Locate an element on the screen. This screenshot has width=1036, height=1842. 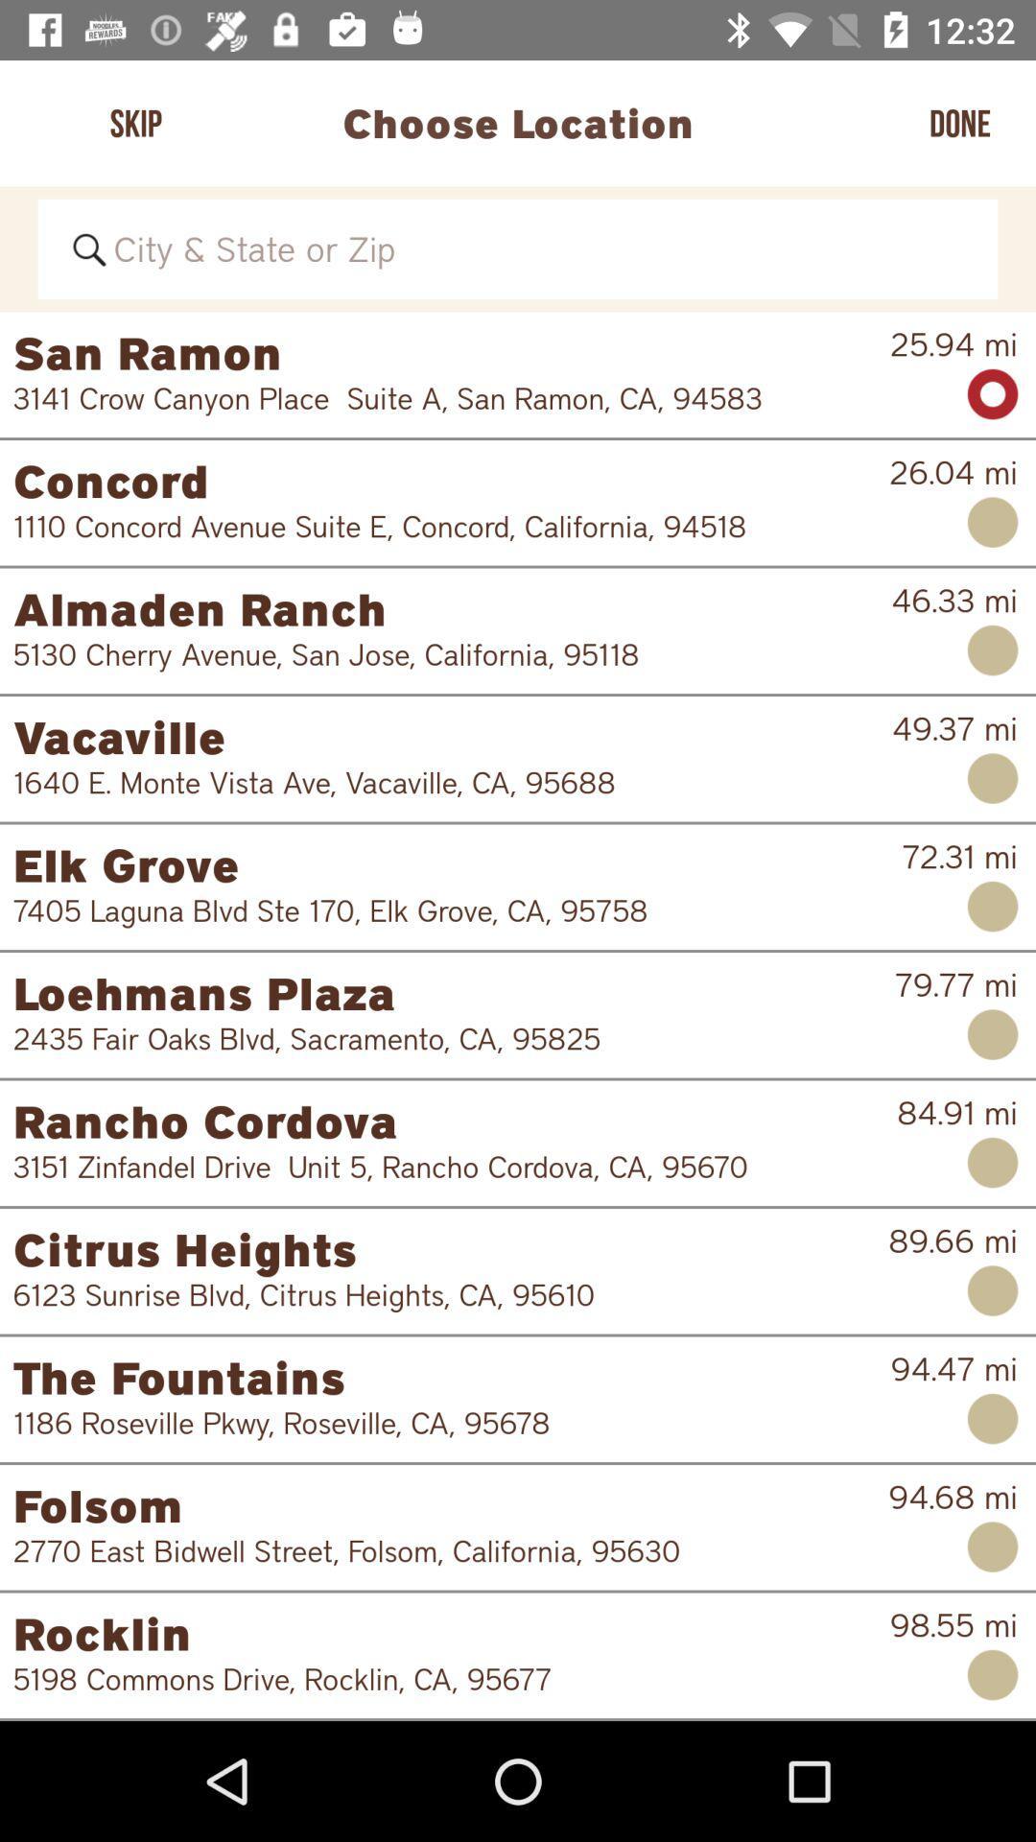
7405 laguna blvd is located at coordinates (444, 909).